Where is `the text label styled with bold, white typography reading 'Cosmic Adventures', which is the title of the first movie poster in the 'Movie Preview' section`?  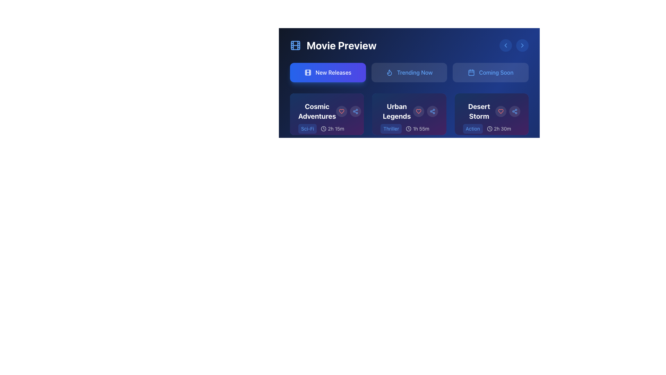 the text label styled with bold, white typography reading 'Cosmic Adventures', which is the title of the first movie poster in the 'Movie Preview' section is located at coordinates (317, 111).